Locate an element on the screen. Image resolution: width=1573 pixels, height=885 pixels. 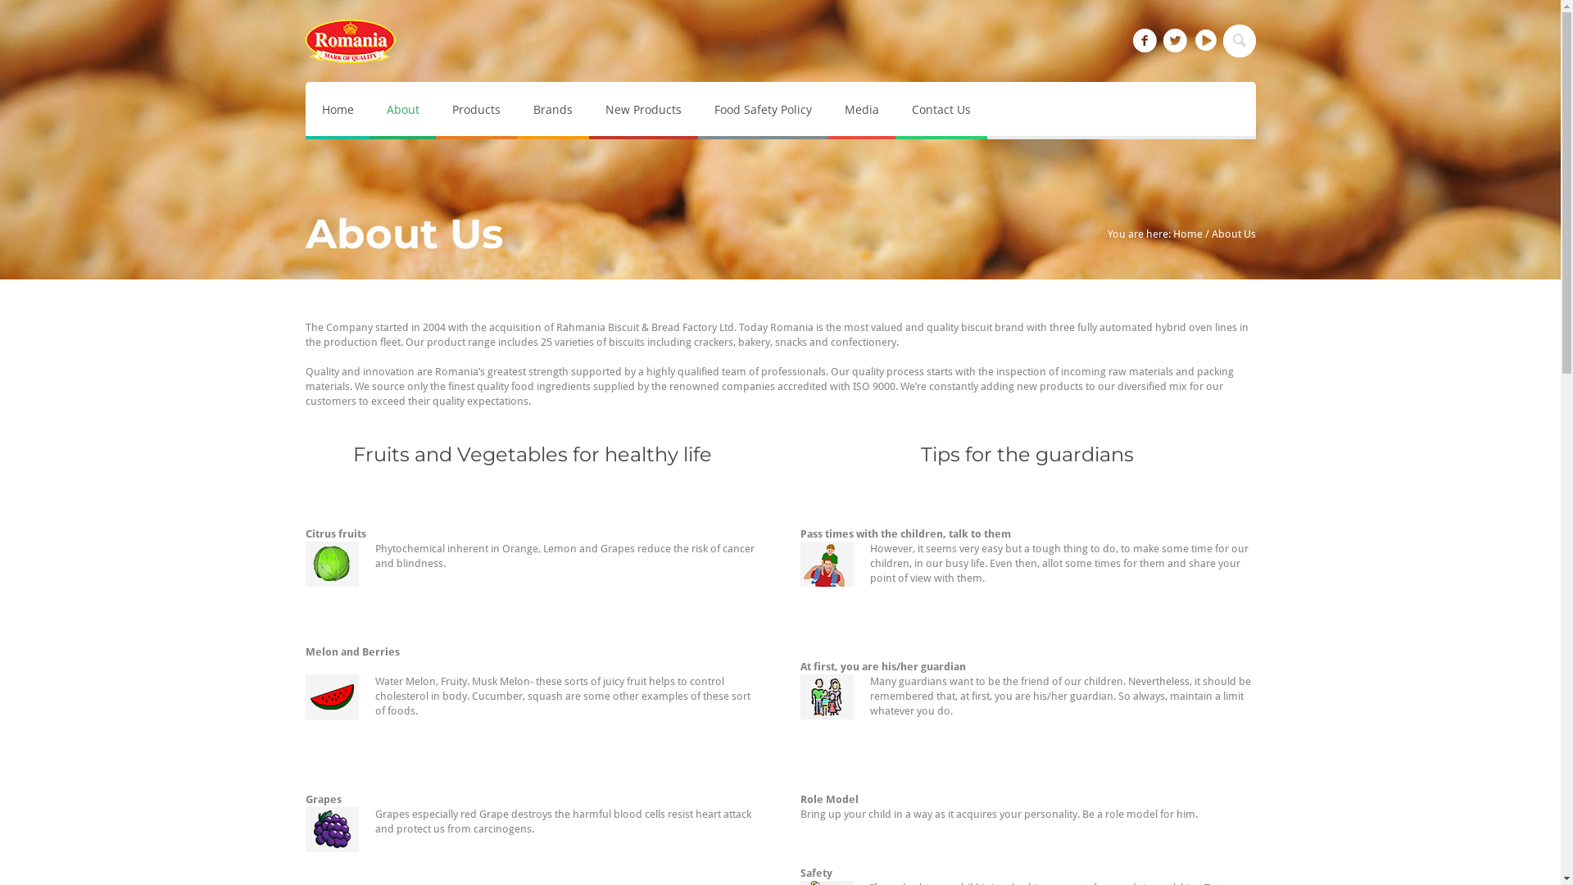
'Facebook' is located at coordinates (1143, 40).